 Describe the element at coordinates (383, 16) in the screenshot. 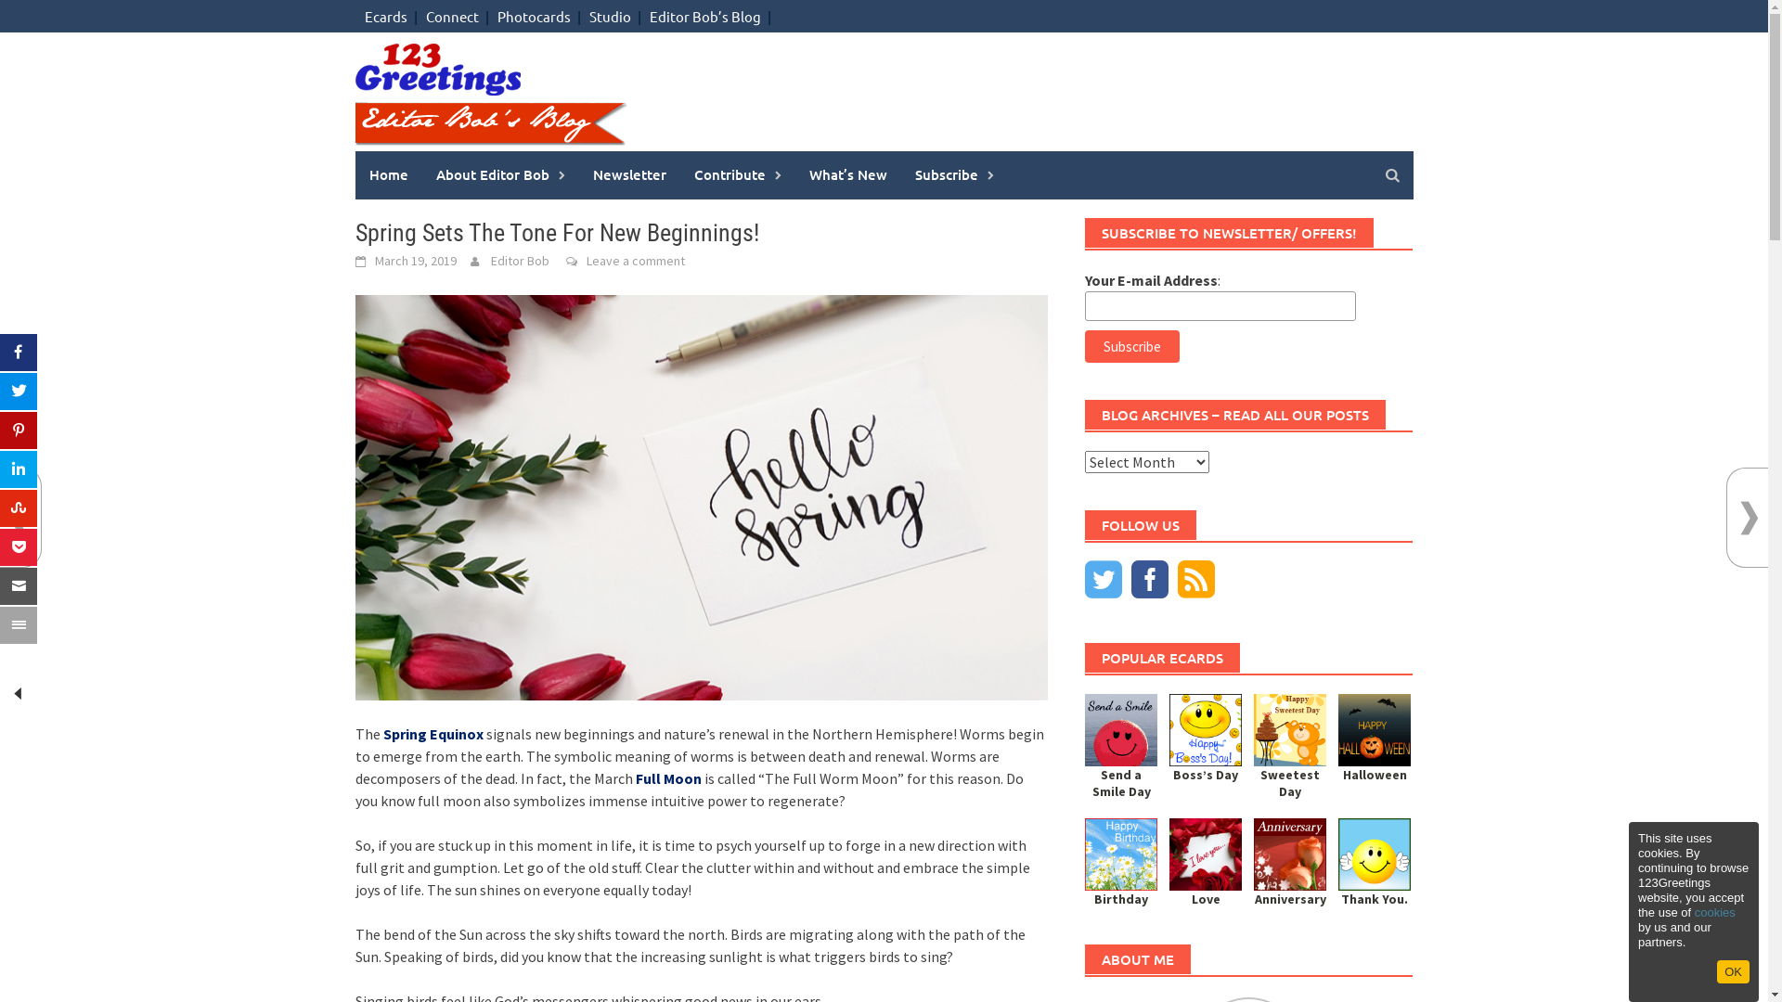

I see `'Ecards'` at that location.